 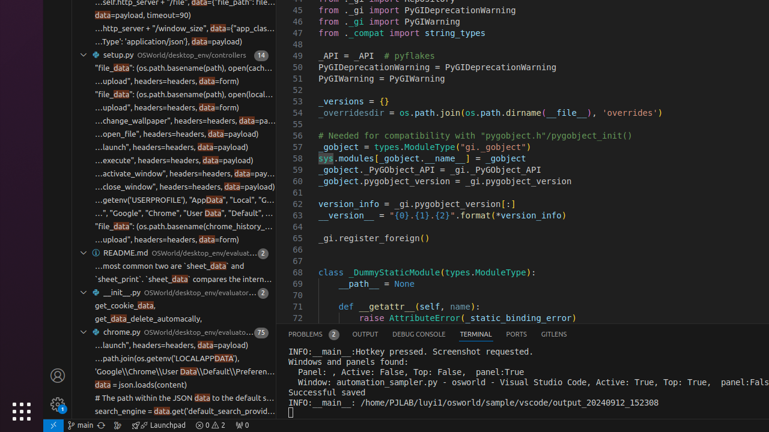 What do you see at coordinates (142, 15) in the screenshot?
I see `'data=payload, timeout=90)'` at bounding box center [142, 15].